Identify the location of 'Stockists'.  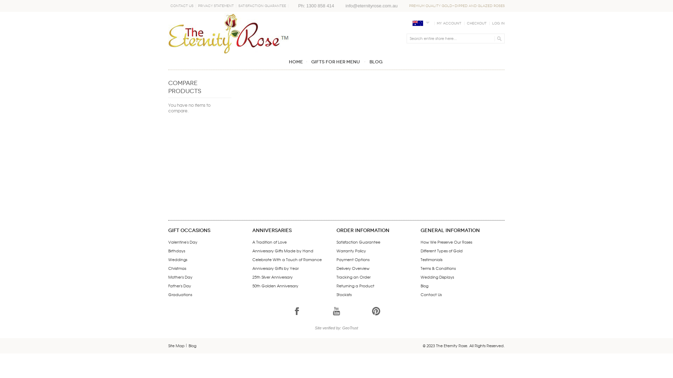
(344, 294).